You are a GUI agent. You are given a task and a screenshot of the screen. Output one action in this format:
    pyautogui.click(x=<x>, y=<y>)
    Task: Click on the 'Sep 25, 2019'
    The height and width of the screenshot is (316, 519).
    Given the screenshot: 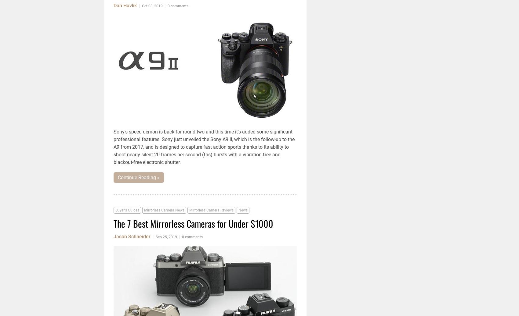 What is the action you would take?
    pyautogui.click(x=166, y=237)
    